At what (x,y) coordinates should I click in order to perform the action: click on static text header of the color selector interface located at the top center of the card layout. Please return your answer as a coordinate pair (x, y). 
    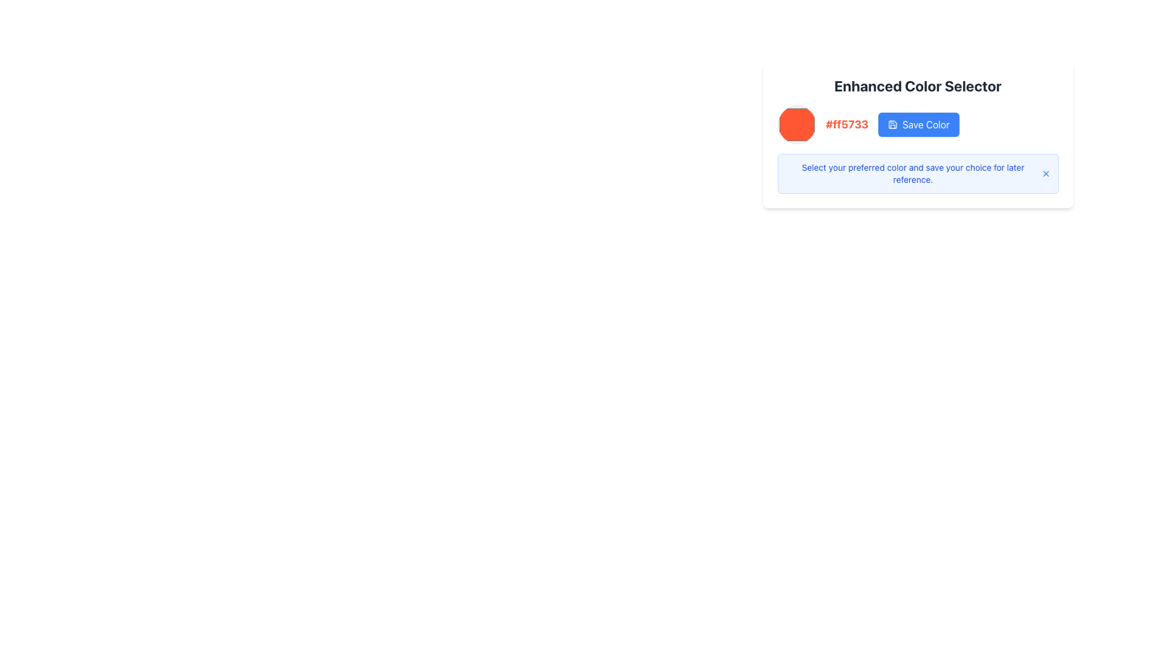
    Looking at the image, I should click on (918, 85).